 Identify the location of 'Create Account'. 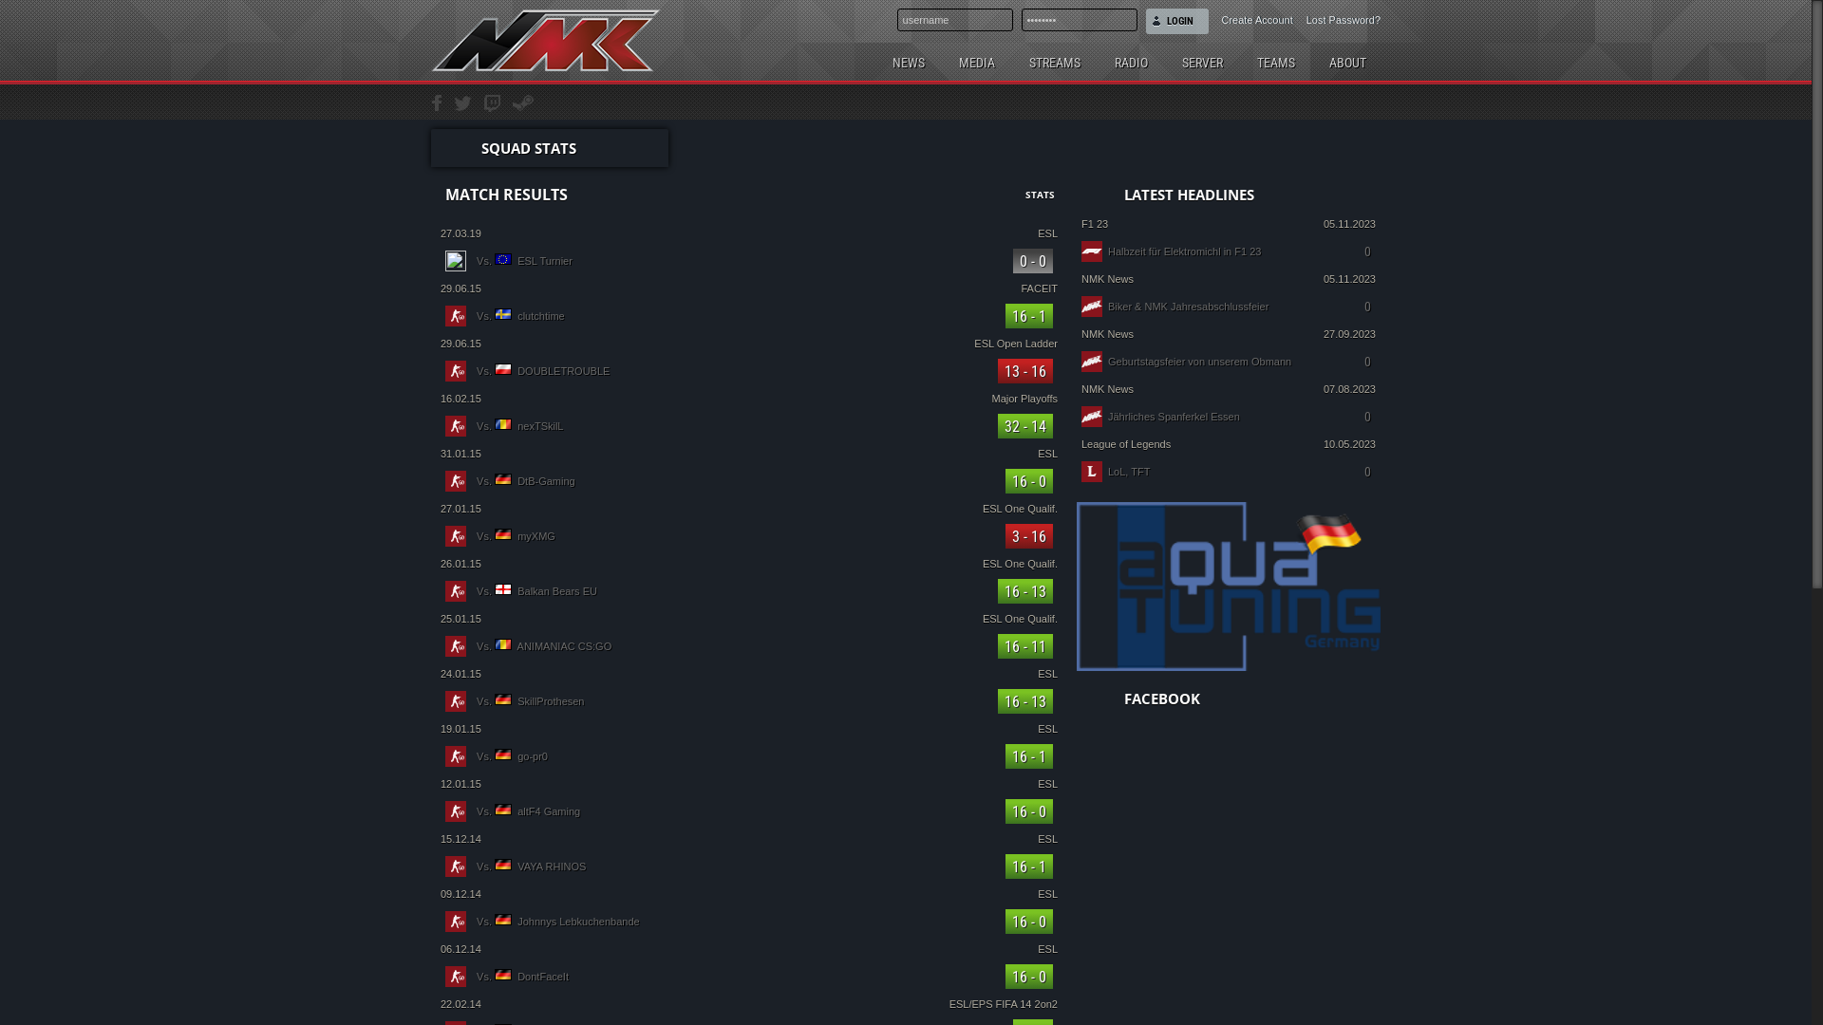
(1207, 17).